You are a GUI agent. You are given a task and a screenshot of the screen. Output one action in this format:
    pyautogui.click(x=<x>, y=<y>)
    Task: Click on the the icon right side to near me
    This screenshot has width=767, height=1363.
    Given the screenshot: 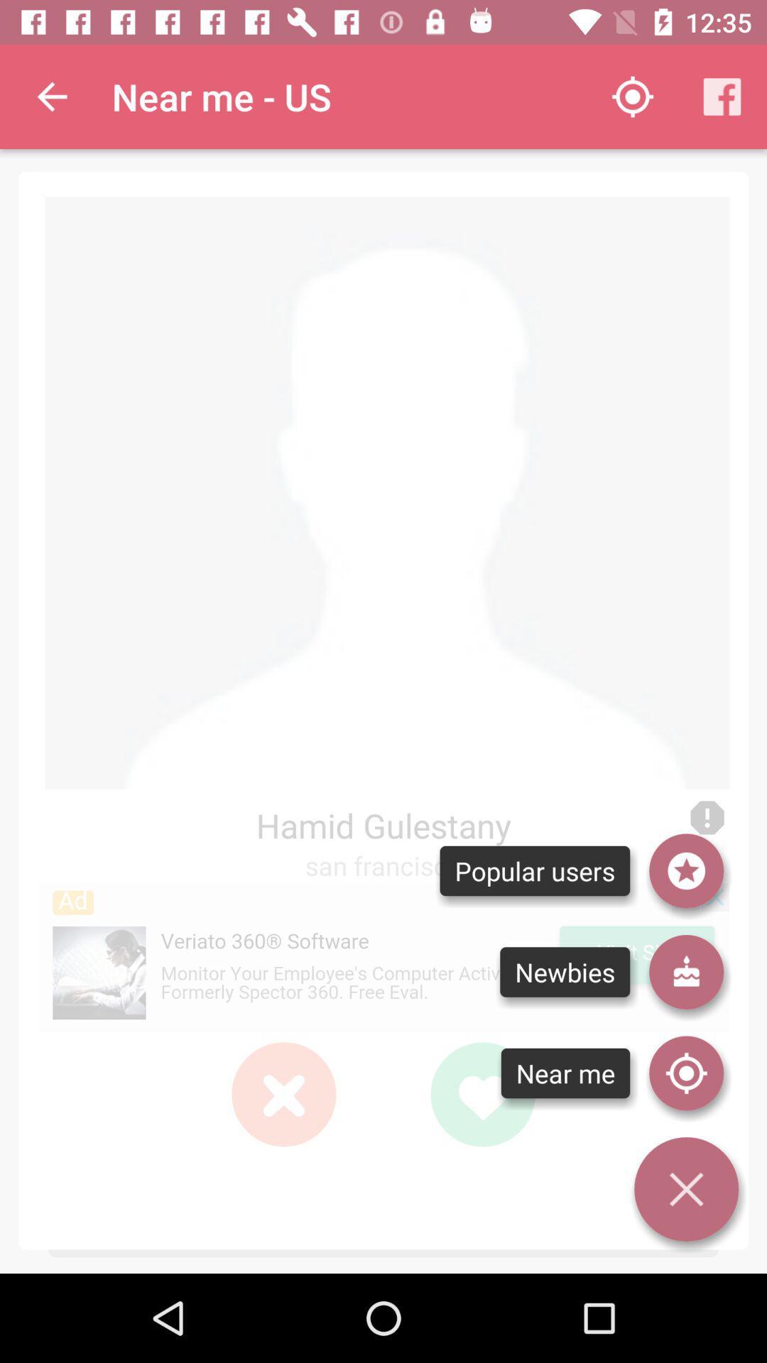 What is the action you would take?
    pyautogui.click(x=686, y=1073)
    